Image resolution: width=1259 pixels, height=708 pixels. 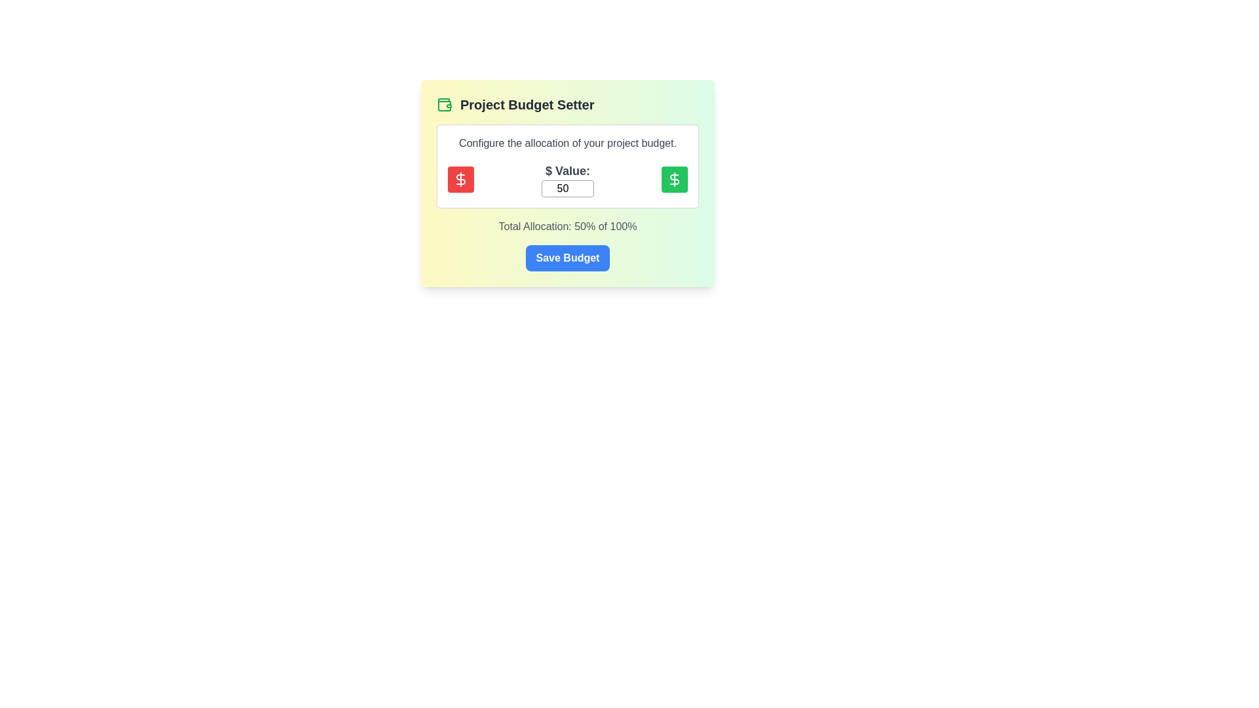 What do you see at coordinates (567, 226) in the screenshot?
I see `the static text displaying the summary of the allocation settings in the 'Project Budget Setter' card, located above the 'Save Budget' button` at bounding box center [567, 226].